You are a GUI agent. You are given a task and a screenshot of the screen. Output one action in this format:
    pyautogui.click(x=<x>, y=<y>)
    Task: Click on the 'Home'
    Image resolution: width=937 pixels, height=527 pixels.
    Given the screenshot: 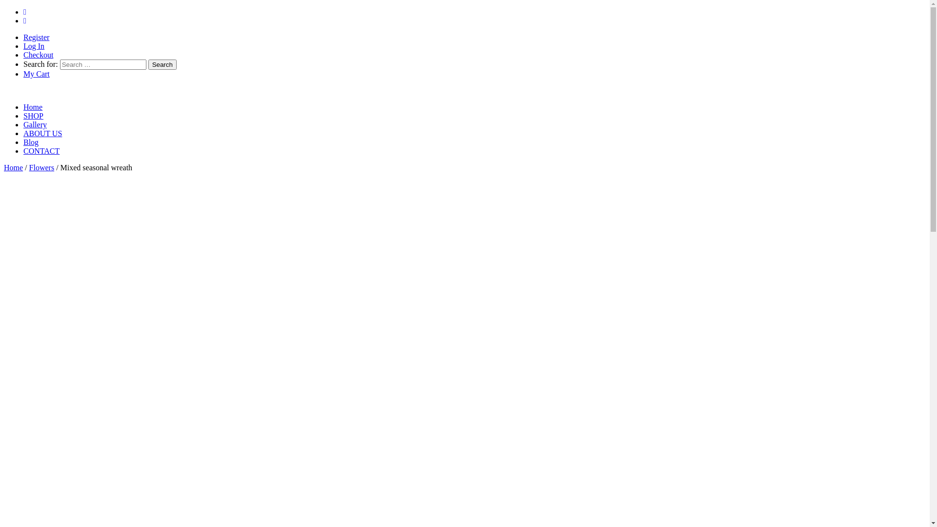 What is the action you would take?
    pyautogui.click(x=33, y=107)
    